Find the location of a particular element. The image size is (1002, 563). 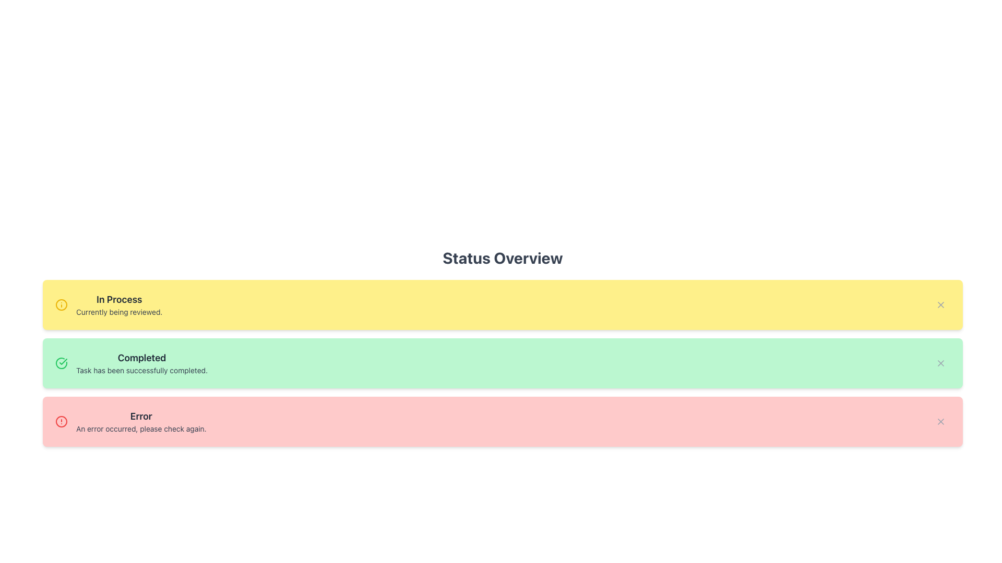

the dismissal icon located in the top yellow bar section towards the right is located at coordinates (941, 305).